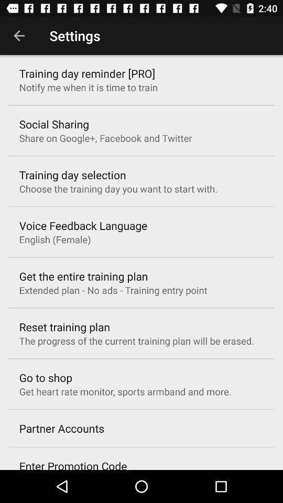  I want to click on item next to the settings app, so click(19, 36).